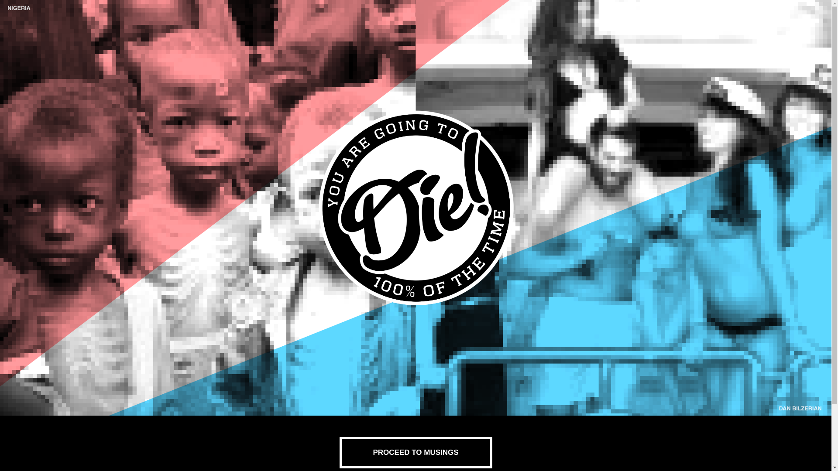  What do you see at coordinates (373, 452) in the screenshot?
I see `'PROCEED TO MUSINGS'` at bounding box center [373, 452].